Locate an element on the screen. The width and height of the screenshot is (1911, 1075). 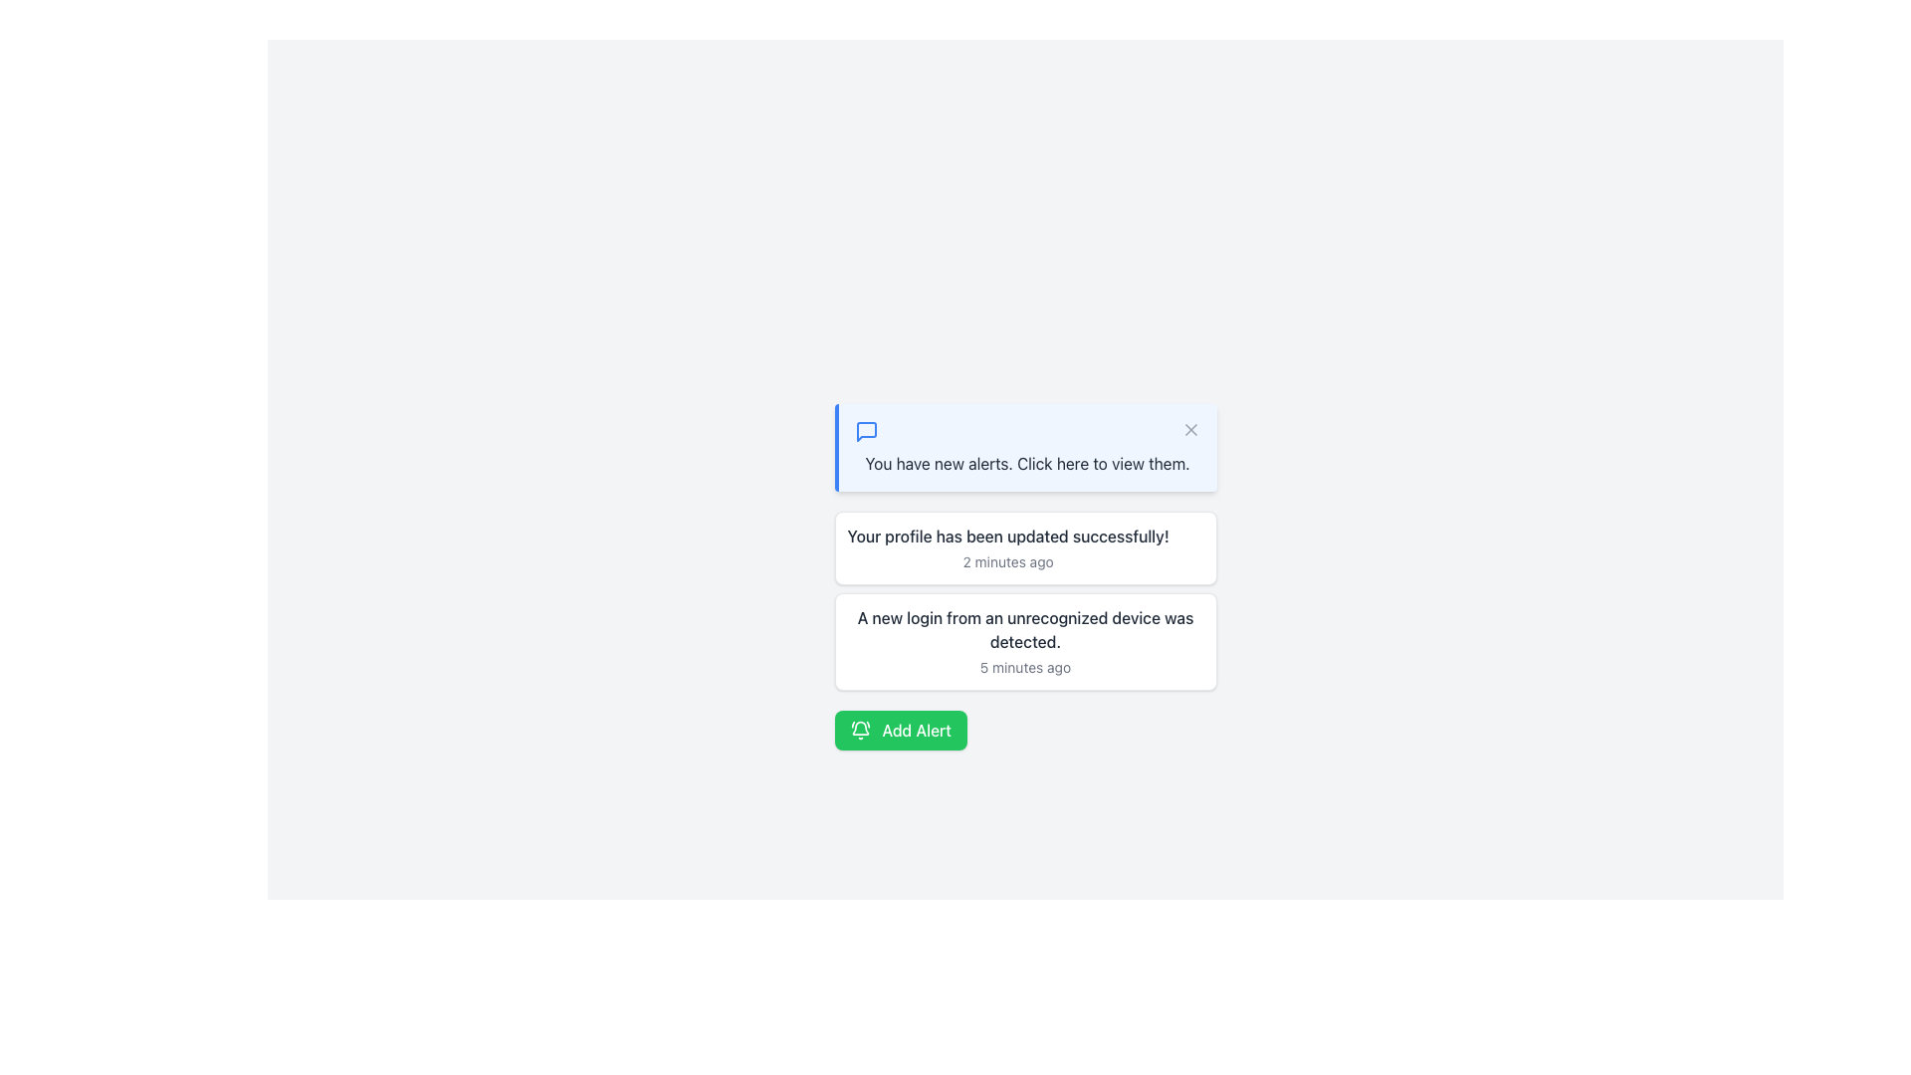
the notification message in the Notification block containing alerts about profile updates and unrecognized logins is located at coordinates (1025, 600).